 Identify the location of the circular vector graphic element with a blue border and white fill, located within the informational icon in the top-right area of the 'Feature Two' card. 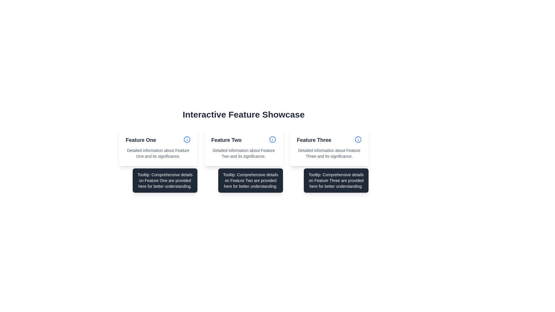
(187, 139).